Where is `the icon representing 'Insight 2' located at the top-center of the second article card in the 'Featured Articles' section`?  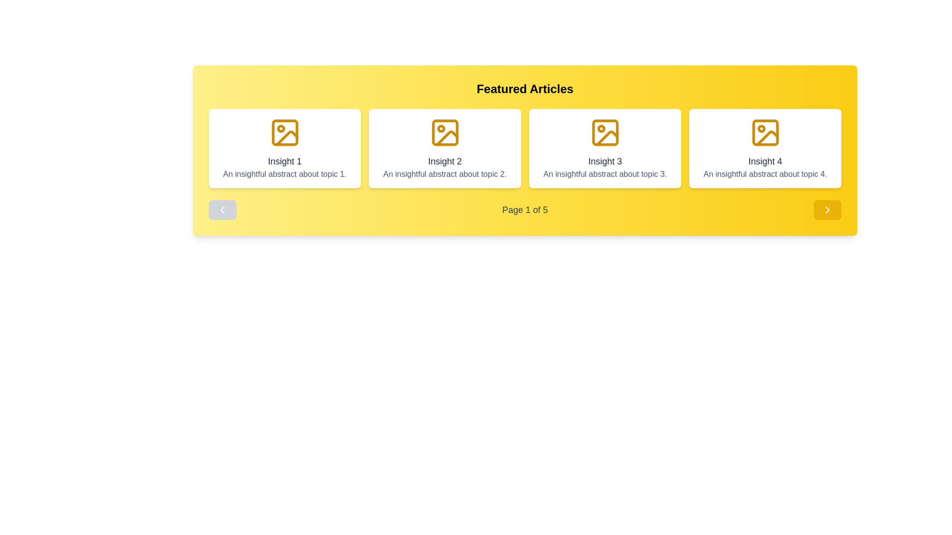
the icon representing 'Insight 2' located at the top-center of the second article card in the 'Featured Articles' section is located at coordinates (444, 132).